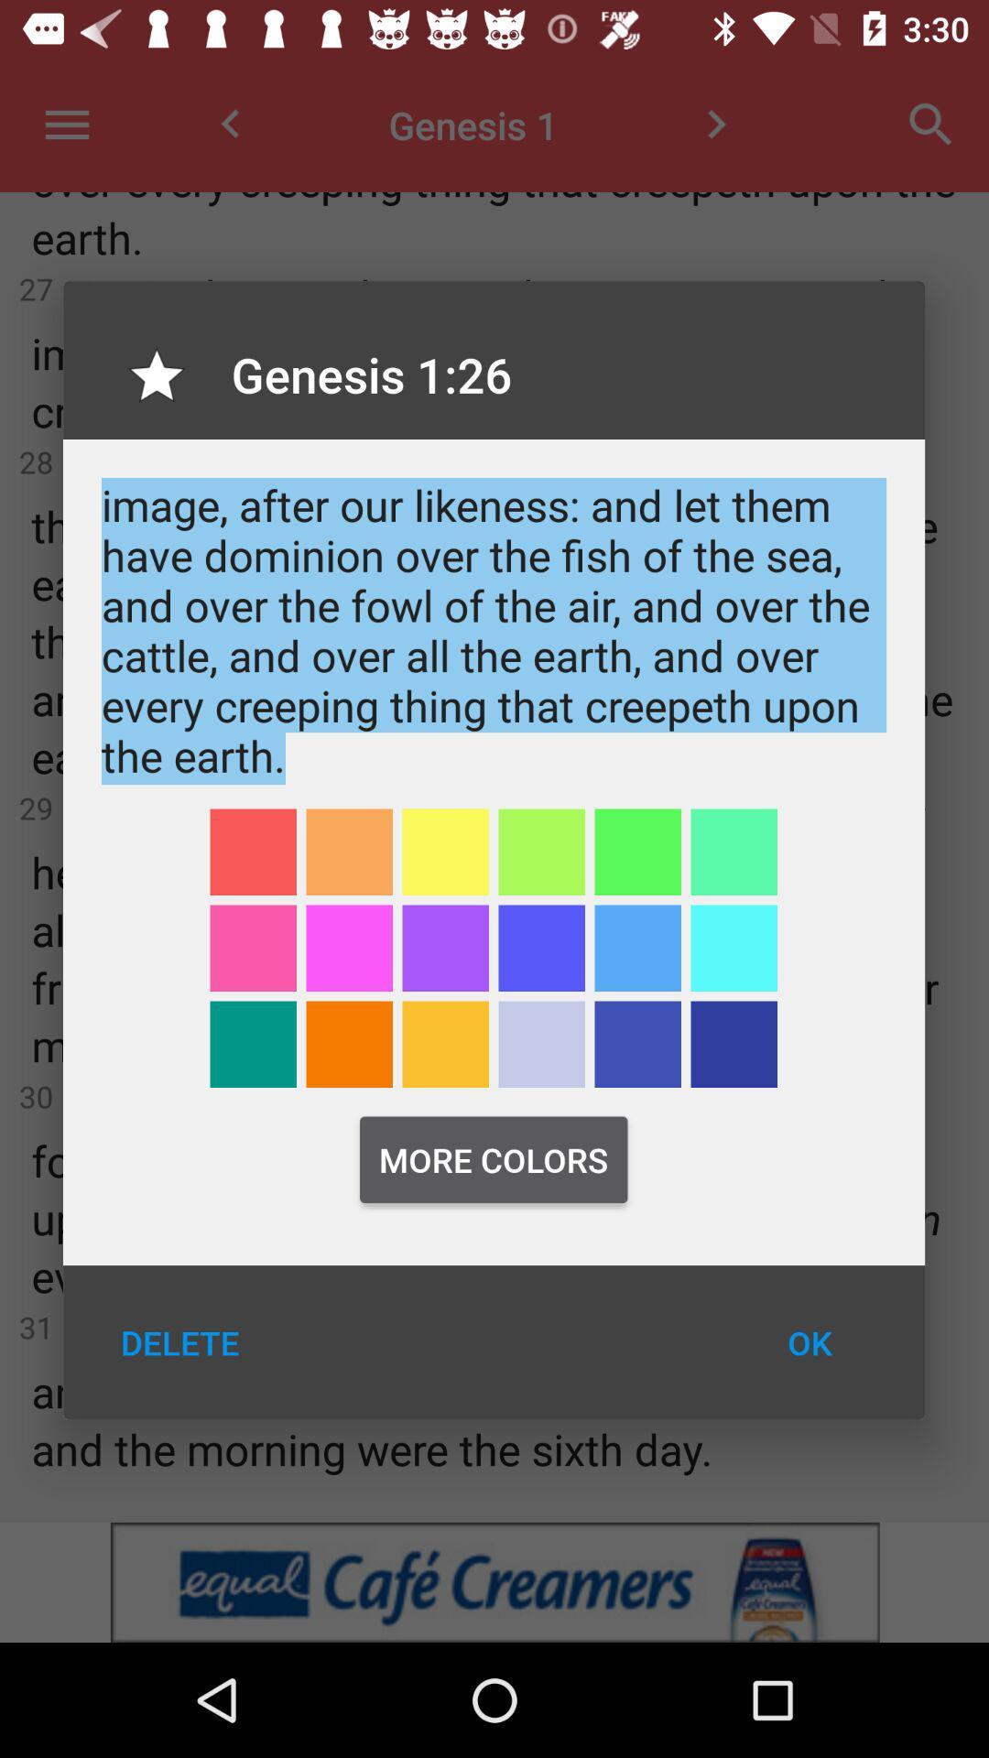 Image resolution: width=989 pixels, height=1758 pixels. What do you see at coordinates (636, 948) in the screenshot?
I see `light blue color` at bounding box center [636, 948].